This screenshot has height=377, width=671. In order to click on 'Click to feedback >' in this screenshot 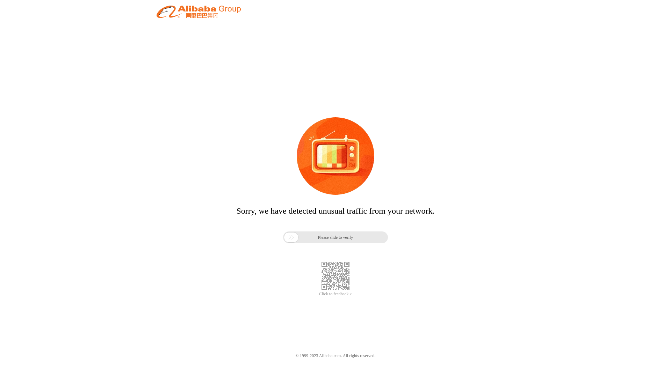, I will do `click(318, 294)`.